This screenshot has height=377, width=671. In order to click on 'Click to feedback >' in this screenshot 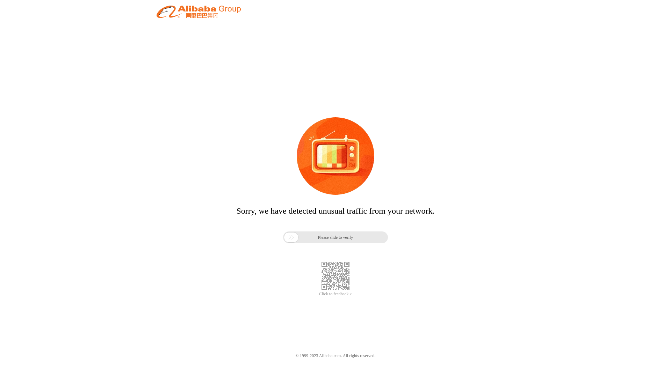, I will do `click(318, 294)`.